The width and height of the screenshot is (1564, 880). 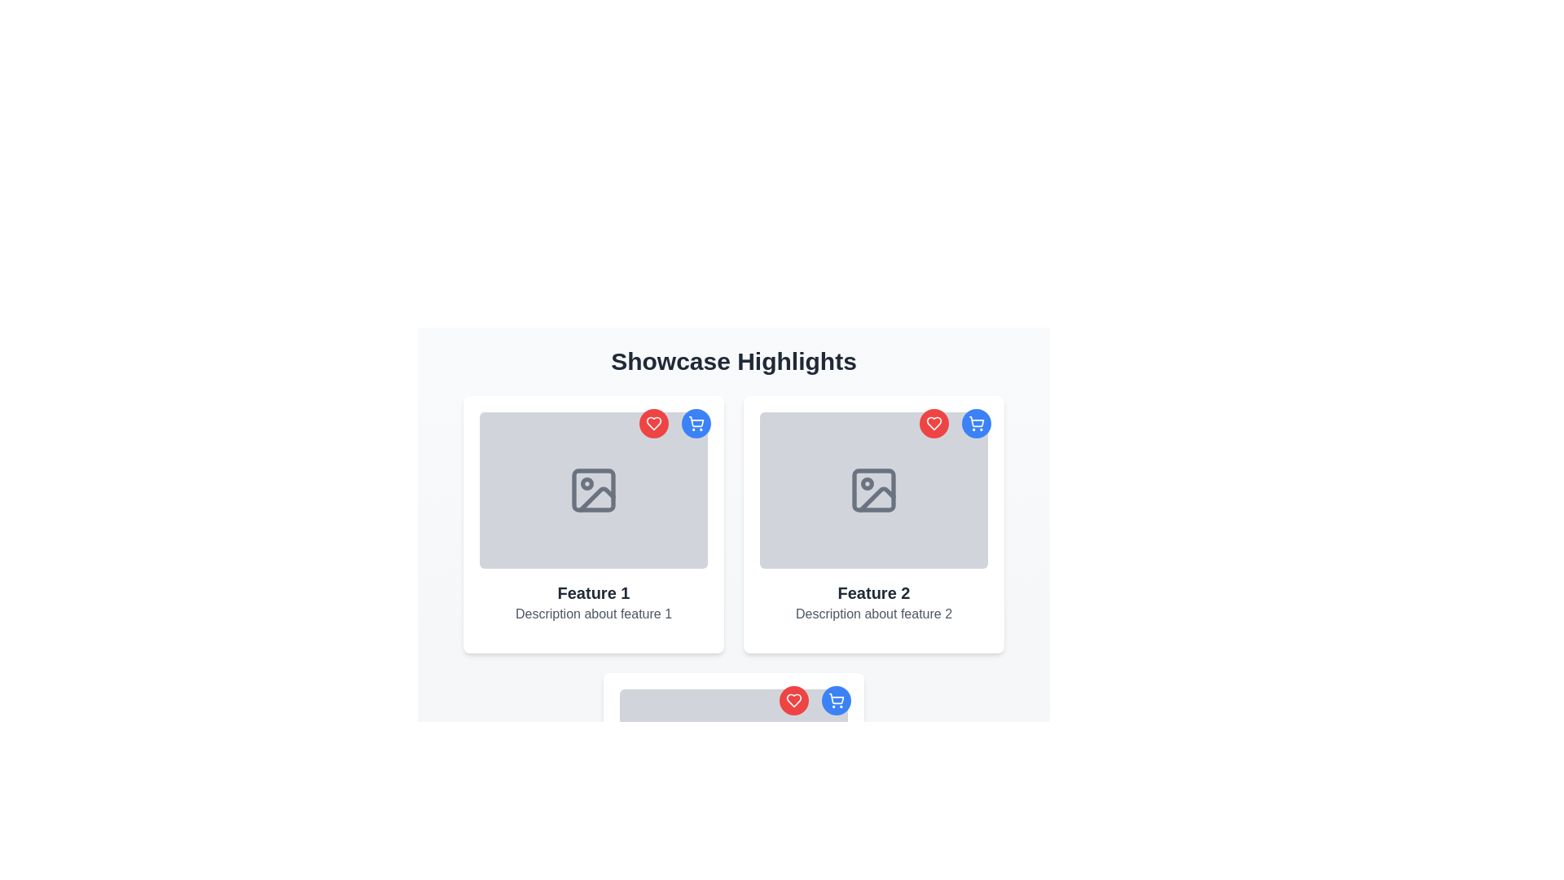 I want to click on the Image Placeholder located at the top of the box titled 'Feature 1', which serves as a display area for associated media content, so click(x=593, y=489).